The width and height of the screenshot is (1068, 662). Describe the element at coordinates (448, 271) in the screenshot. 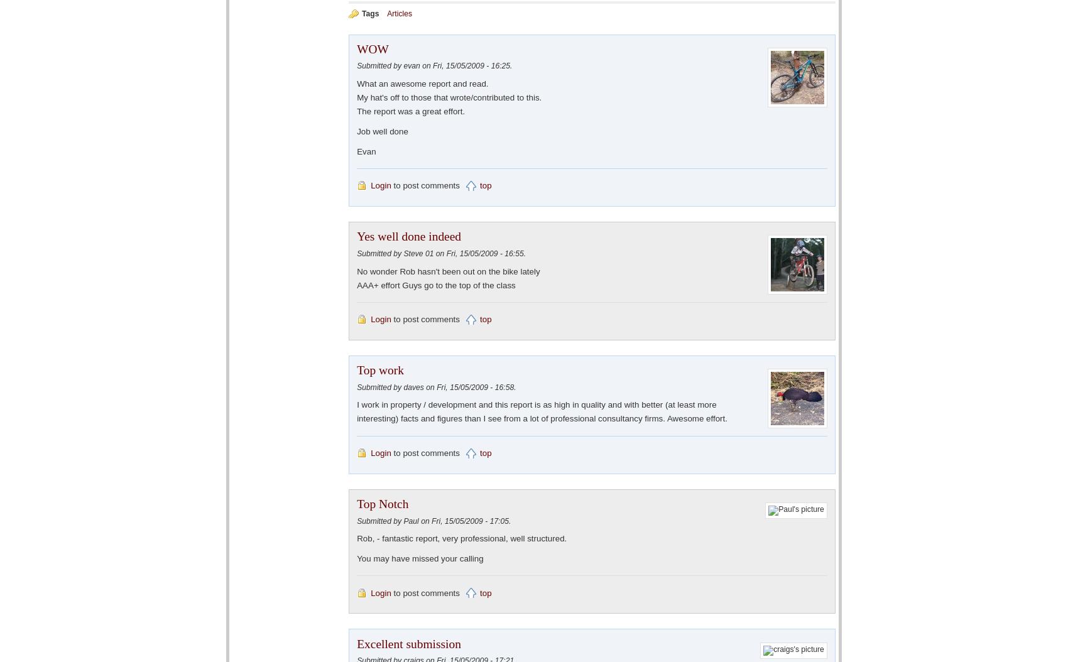

I see `'No wonder Rob hasn't been out on the bike lately'` at that location.